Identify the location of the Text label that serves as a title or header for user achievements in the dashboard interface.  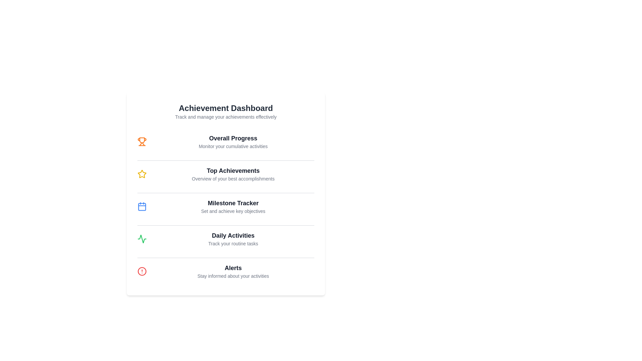
(233, 170).